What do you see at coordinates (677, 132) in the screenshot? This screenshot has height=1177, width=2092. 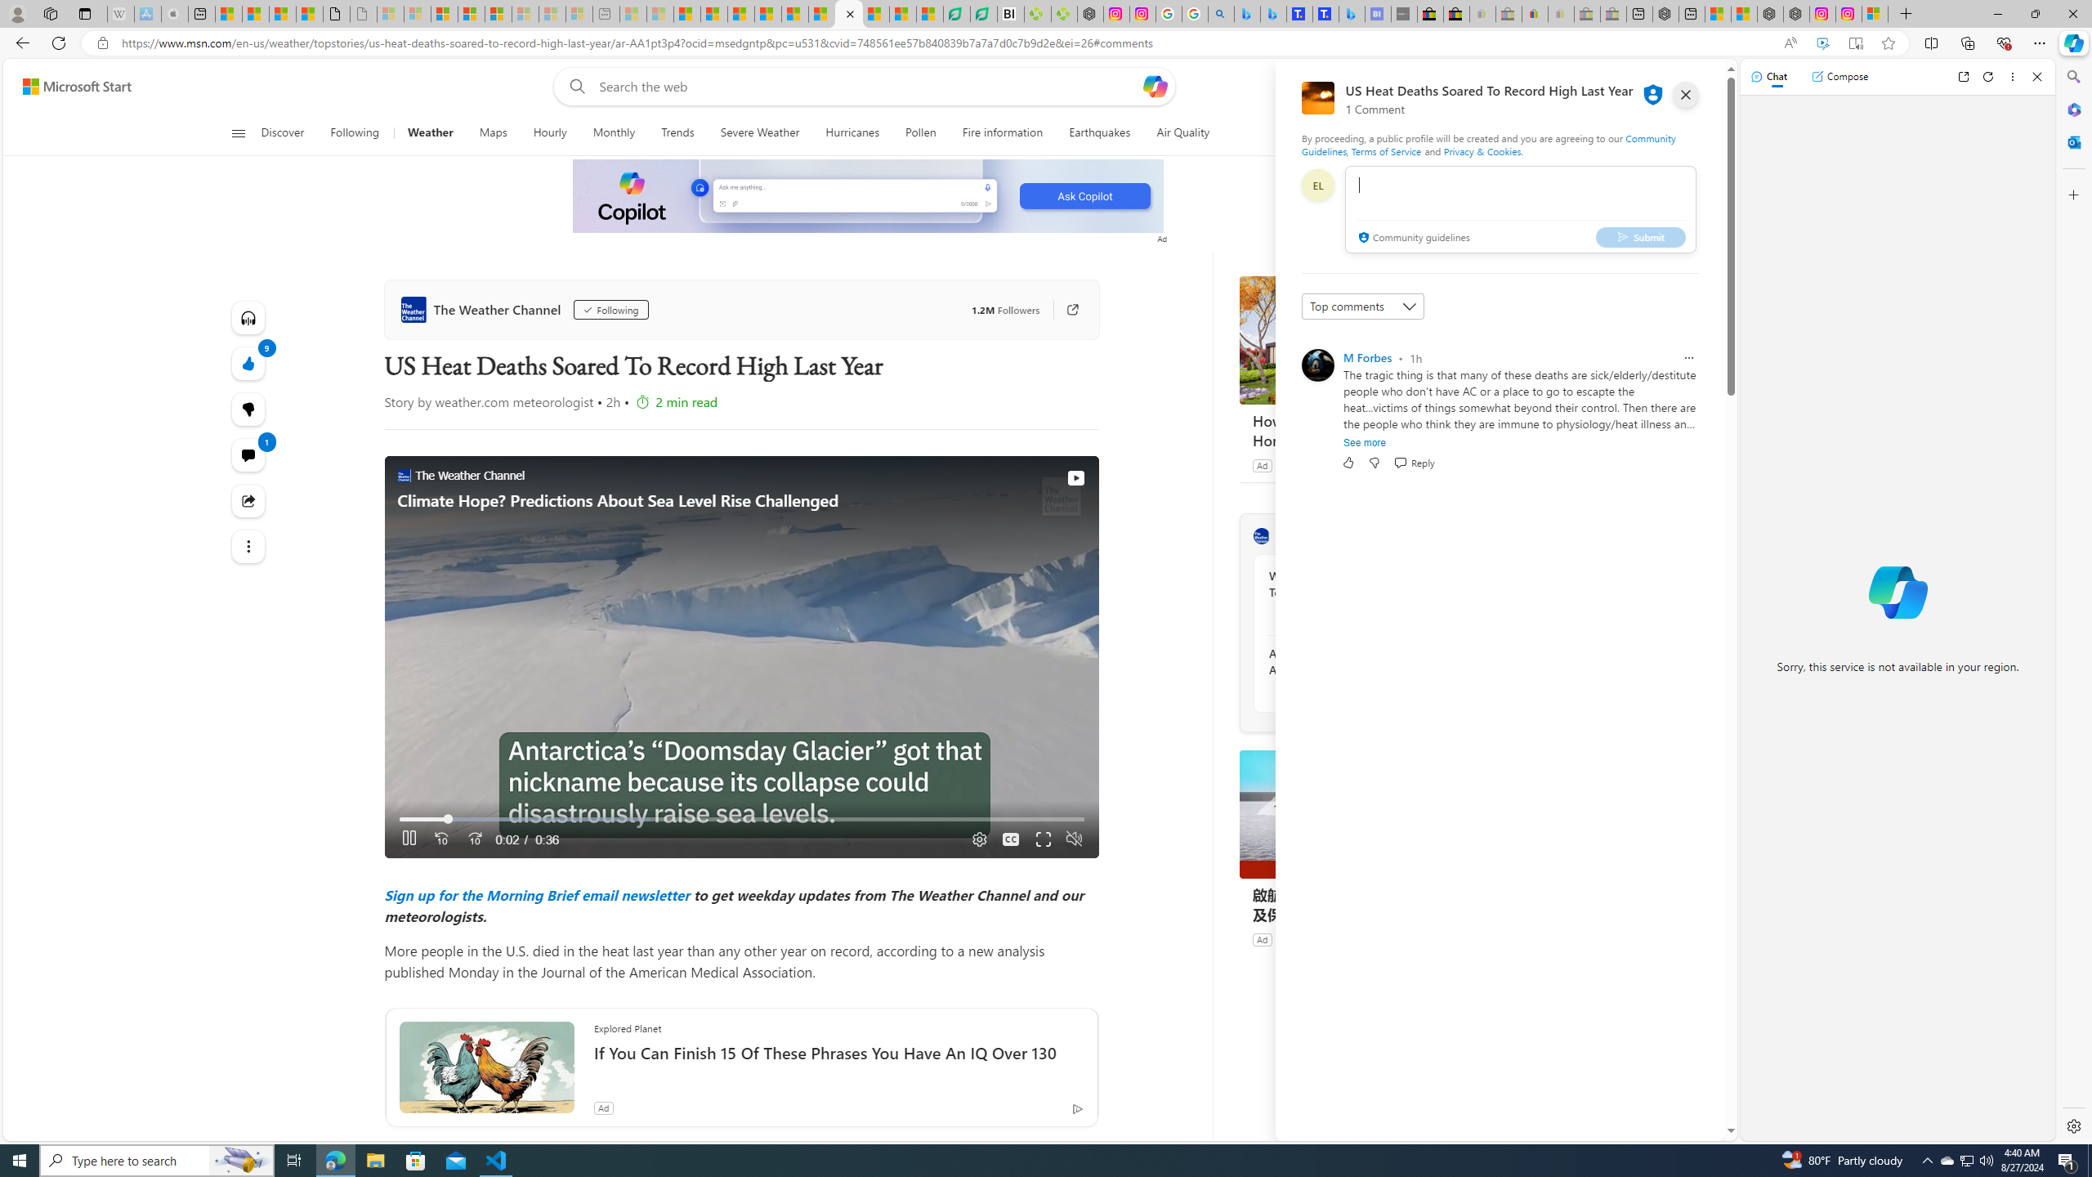 I see `'Trends'` at bounding box center [677, 132].